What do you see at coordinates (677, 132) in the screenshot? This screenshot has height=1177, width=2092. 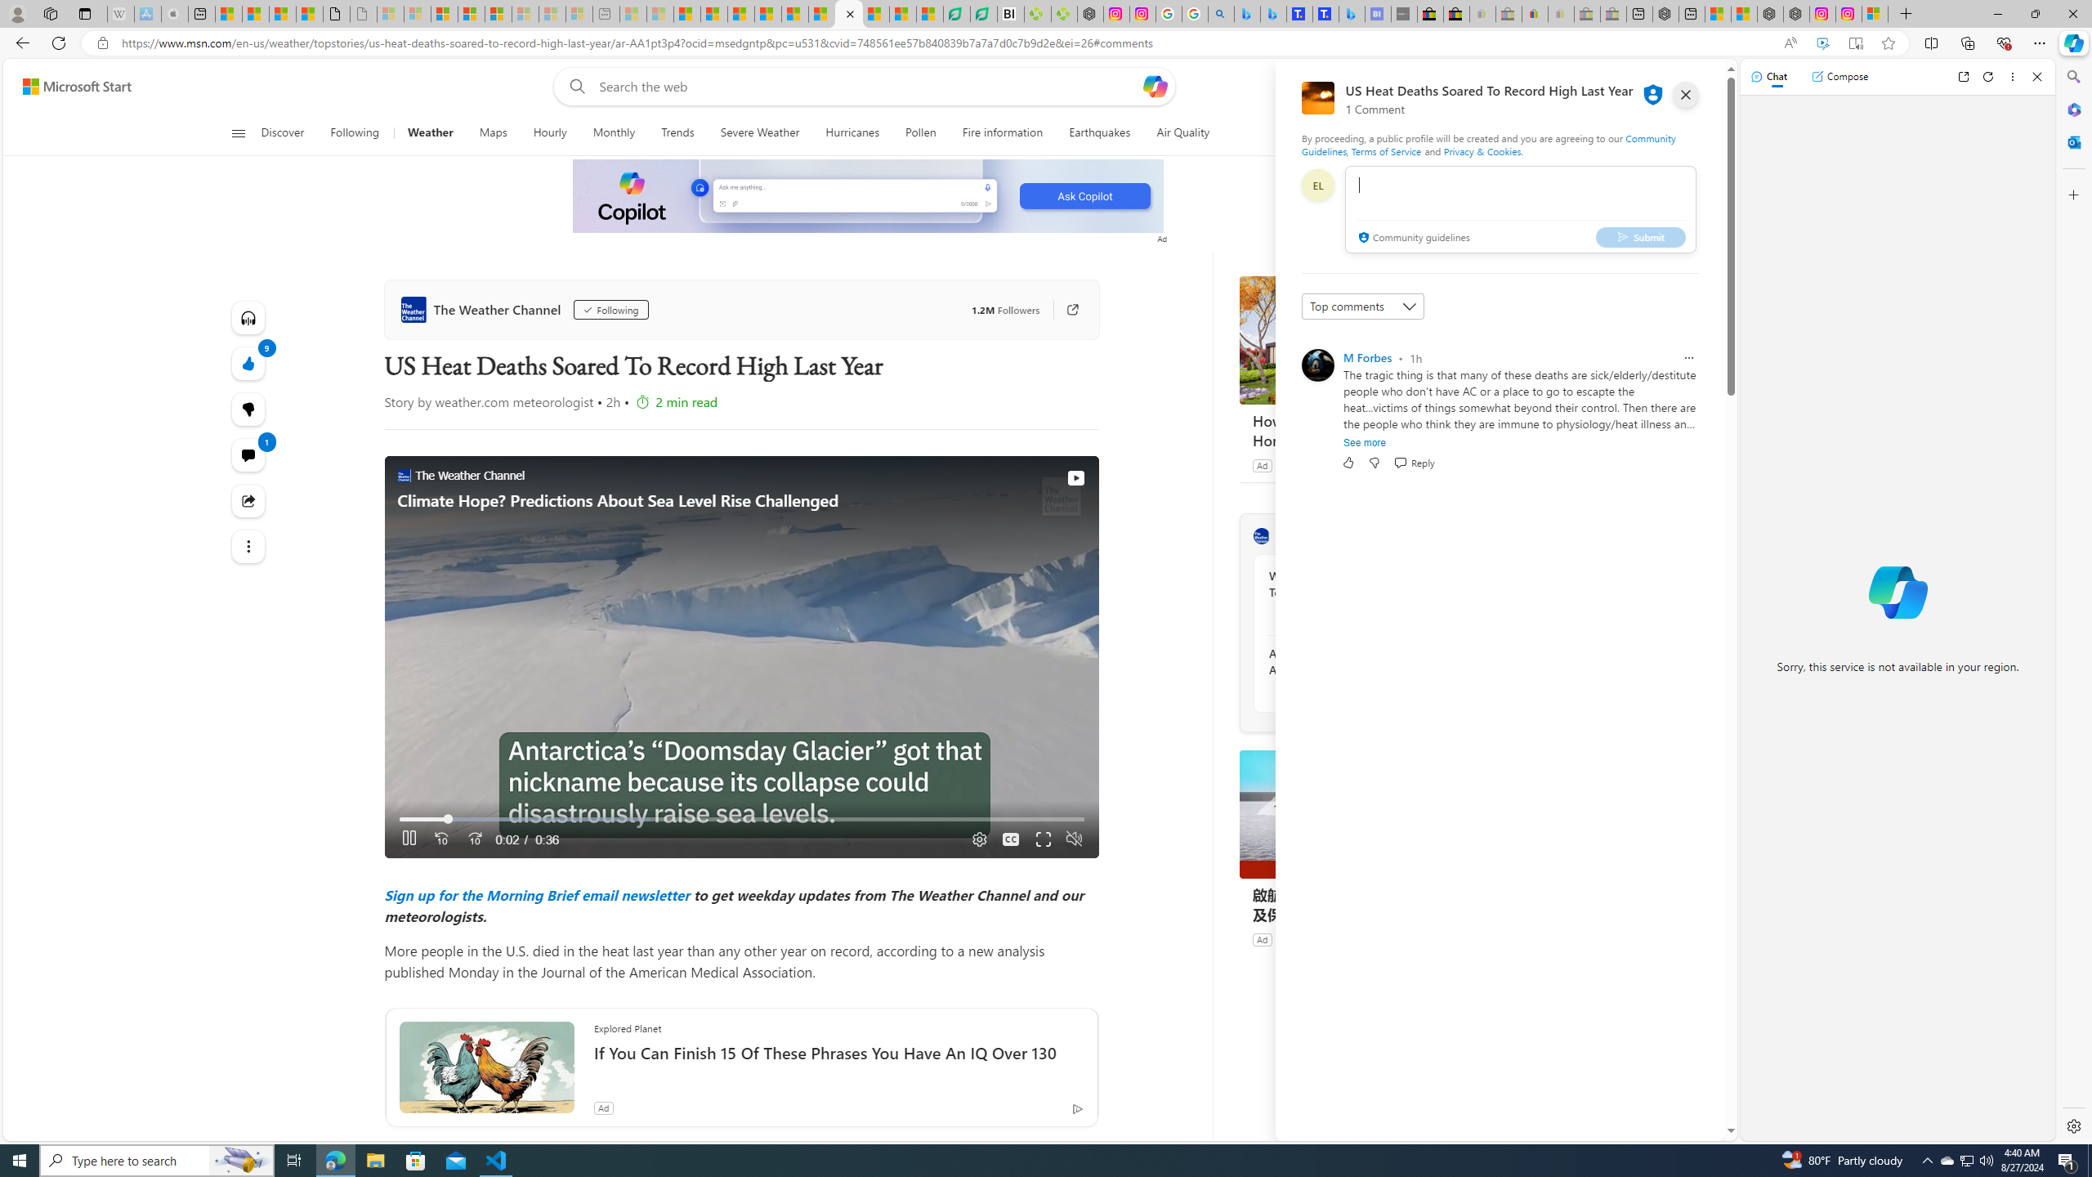 I see `'Trends'` at bounding box center [677, 132].